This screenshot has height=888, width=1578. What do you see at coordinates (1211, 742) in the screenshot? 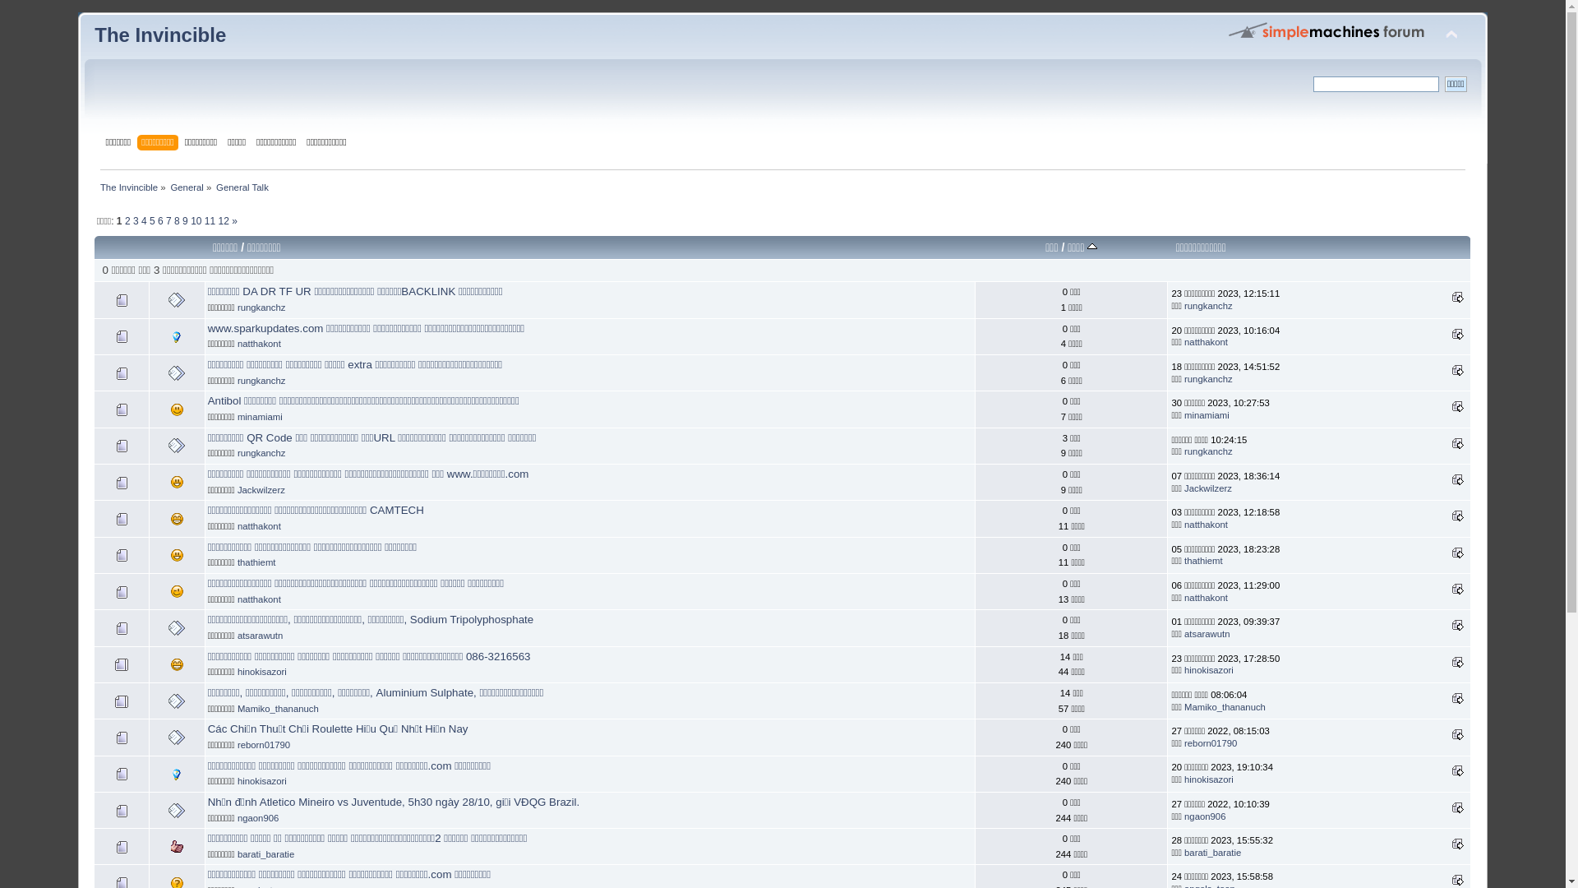
I see `'reborn01790'` at bounding box center [1211, 742].